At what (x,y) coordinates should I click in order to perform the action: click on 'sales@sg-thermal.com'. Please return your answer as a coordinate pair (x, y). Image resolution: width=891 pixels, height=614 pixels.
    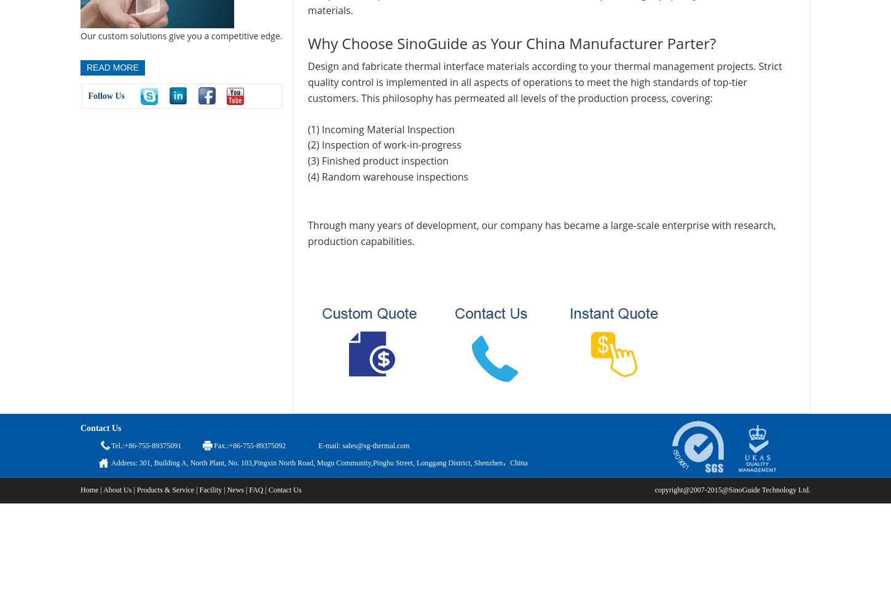
    Looking at the image, I should click on (375, 445).